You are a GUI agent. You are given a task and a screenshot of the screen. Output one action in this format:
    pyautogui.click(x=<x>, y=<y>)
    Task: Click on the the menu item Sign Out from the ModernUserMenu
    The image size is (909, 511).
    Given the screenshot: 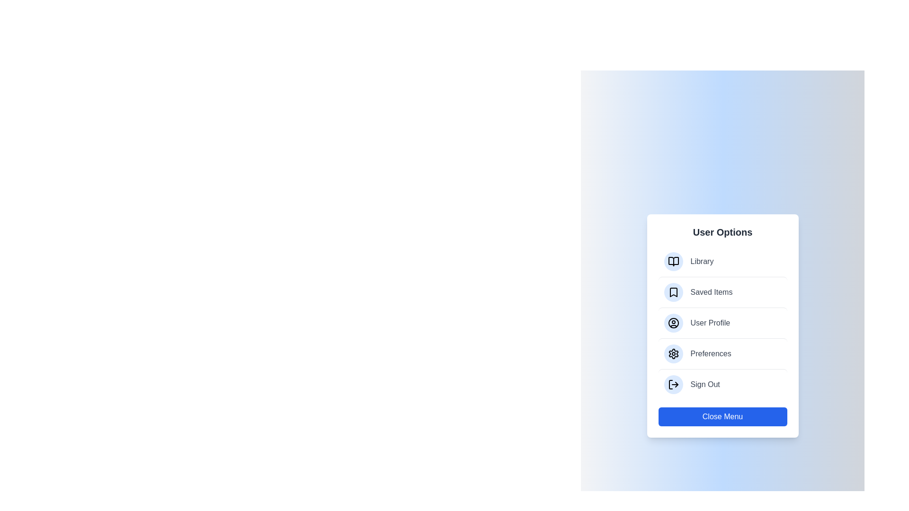 What is the action you would take?
    pyautogui.click(x=722, y=384)
    